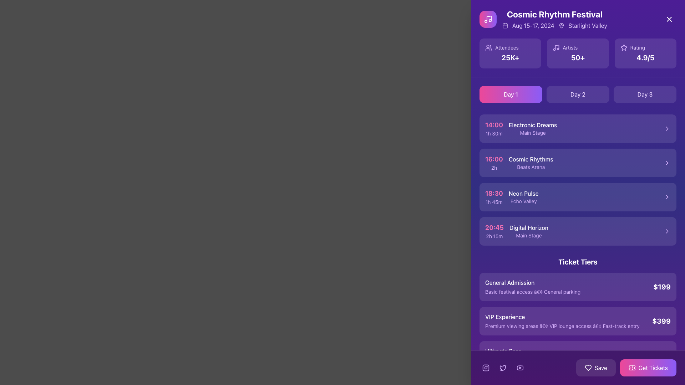 This screenshot has width=685, height=385. Describe the element at coordinates (667, 163) in the screenshot. I see `the small, right-pointing purple chevron icon located to the right of the '16:00 Cosmic Rhythms Beats Arena' event entry` at that location.